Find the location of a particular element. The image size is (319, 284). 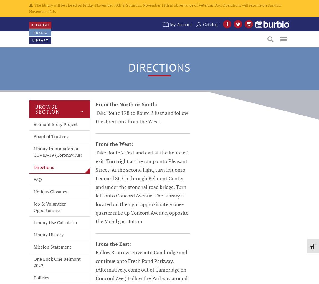

'Take Route 2 East and exit at the Route 60 exit. Turn right at the ramp onto Pleasant Street. At the second light, turn left onto Leonard St. Go through Belmont Center and under the stone railroad bridge. Turn left onto Concord Avenue. The Library is located on the right approximately one-quarter mile up Concord Avenue, opposite the Mobil gas station.' is located at coordinates (142, 186).